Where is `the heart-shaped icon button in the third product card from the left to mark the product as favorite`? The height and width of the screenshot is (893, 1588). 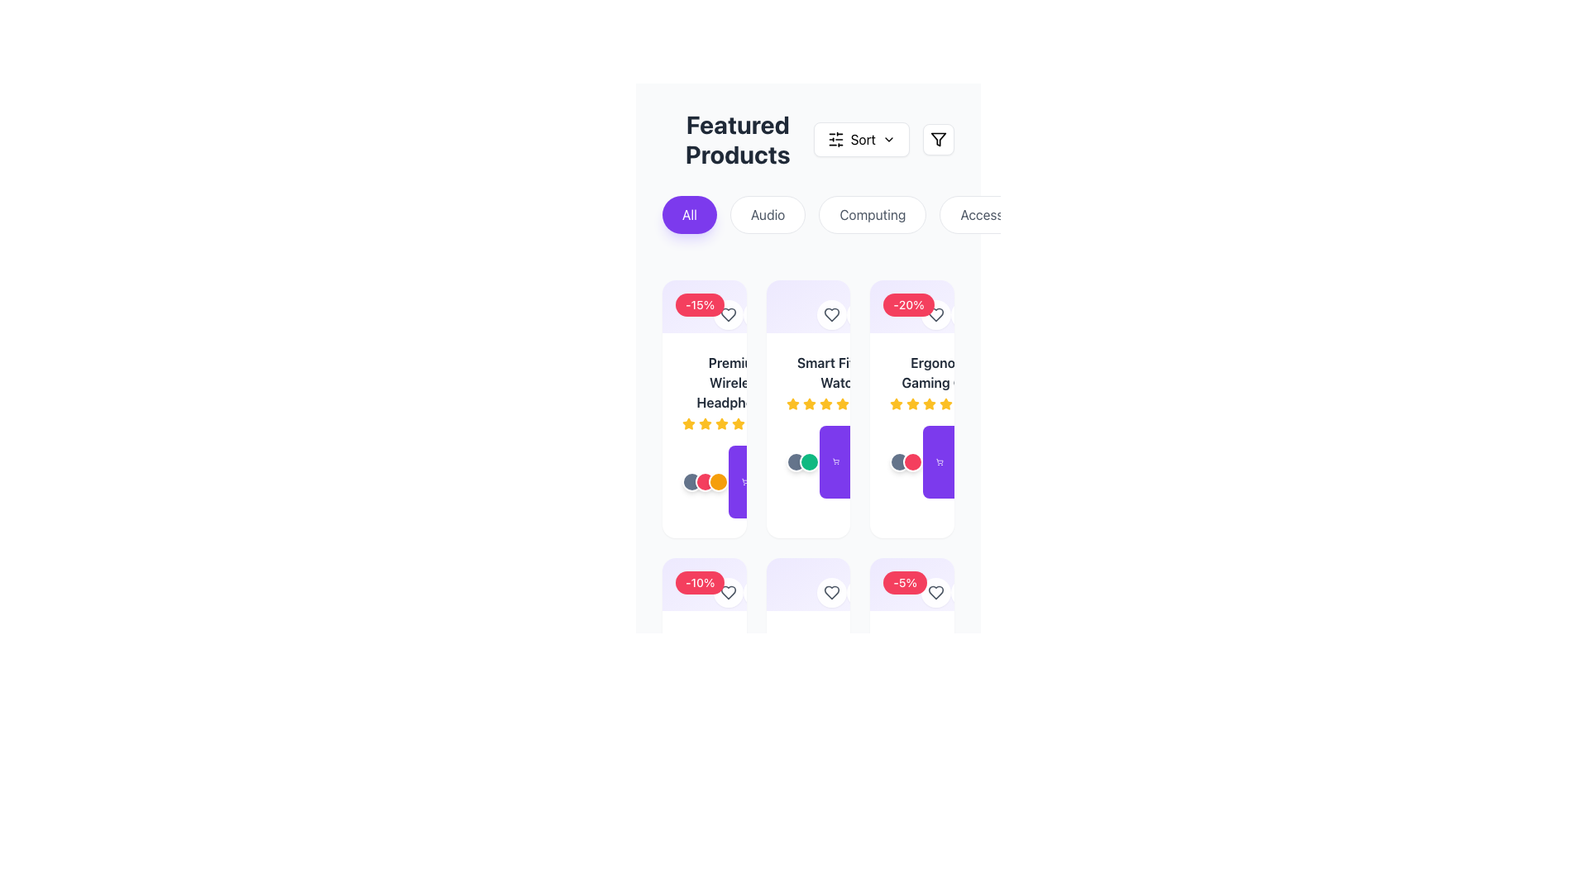
the heart-shaped icon button in the third product card from the left to mark the product as favorite is located at coordinates (936, 592).